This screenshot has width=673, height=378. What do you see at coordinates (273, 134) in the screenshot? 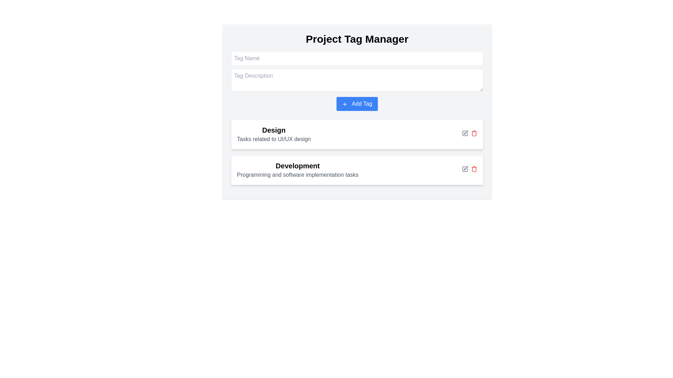
I see `the text label displaying 'Design' in bold, large font with the description 'Tasks related to UI/UX design' underneath, located in the first card block of the 'Project Tag Manager'` at bounding box center [273, 134].